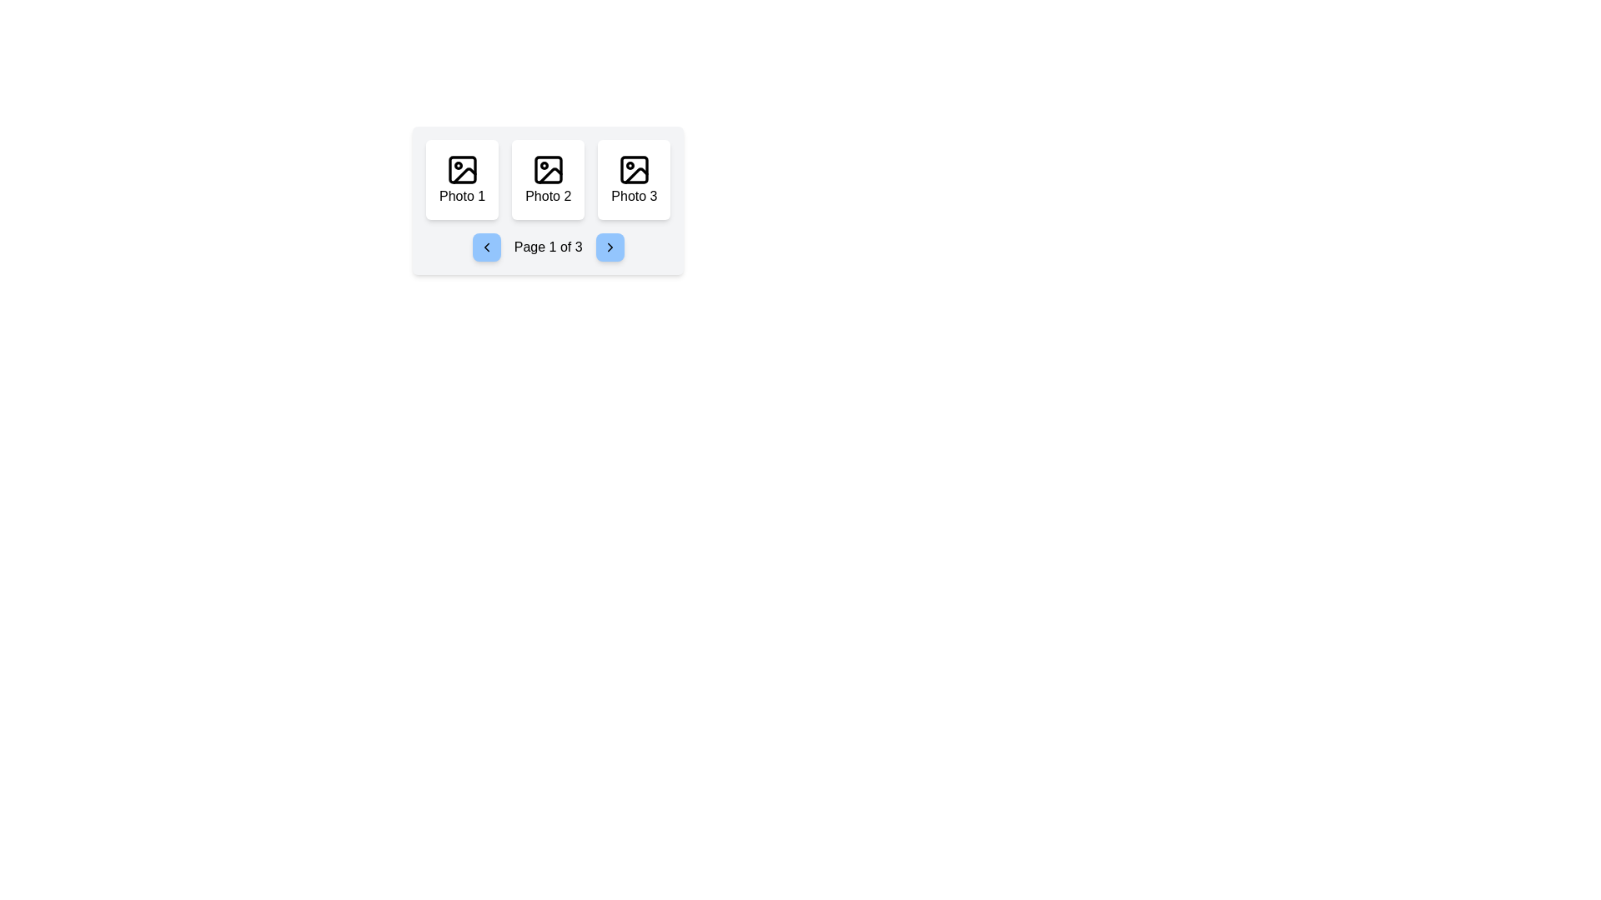  What do you see at coordinates (548, 247) in the screenshot?
I see `the text label that indicates the current page position within a multi-page interface, which shows the user is on page 1 of 3` at bounding box center [548, 247].